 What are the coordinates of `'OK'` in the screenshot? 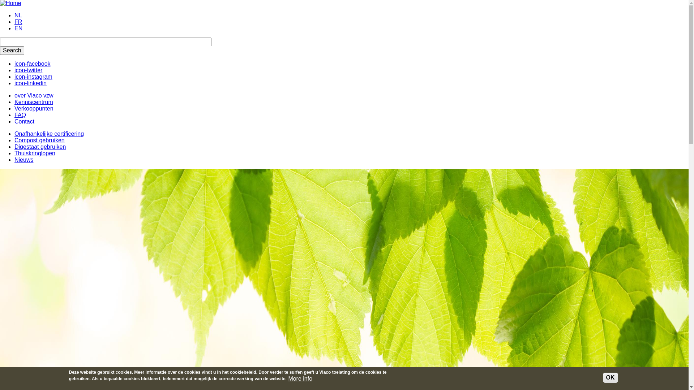 It's located at (610, 377).